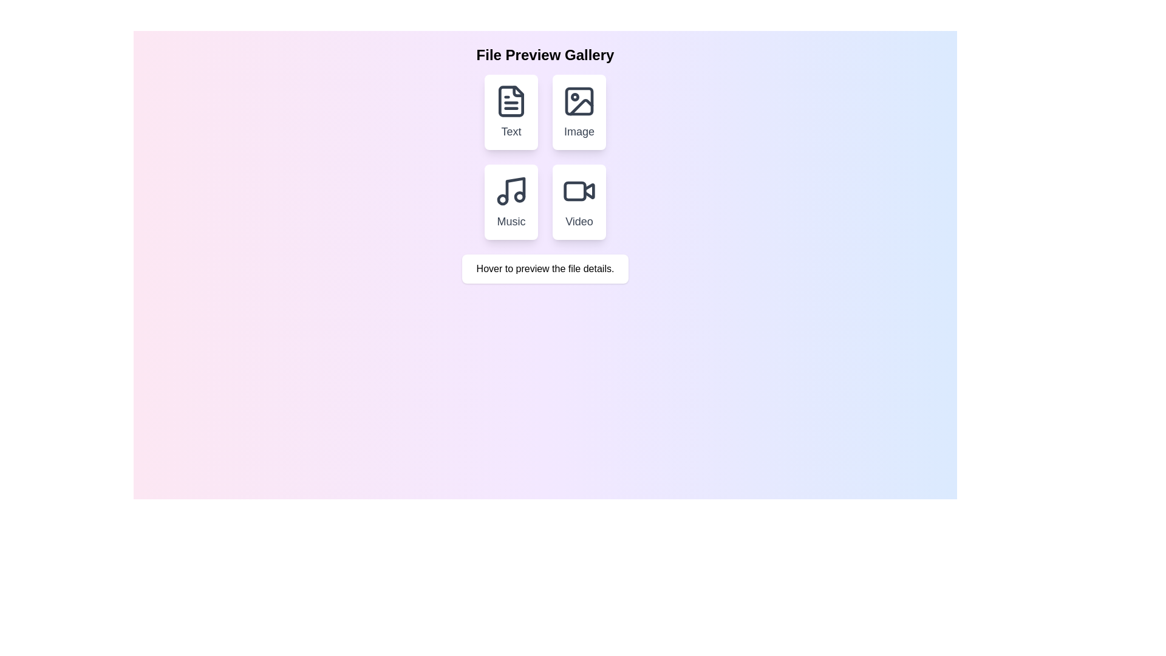 The width and height of the screenshot is (1166, 656). Describe the element at coordinates (579, 112) in the screenshot. I see `the 'Image' card, which features a rounded rectangular shape with a white background, an icon of a landscape at the top, and the label 'Image' in gray font below the icon, located in the top-right corner of the grid` at that location.